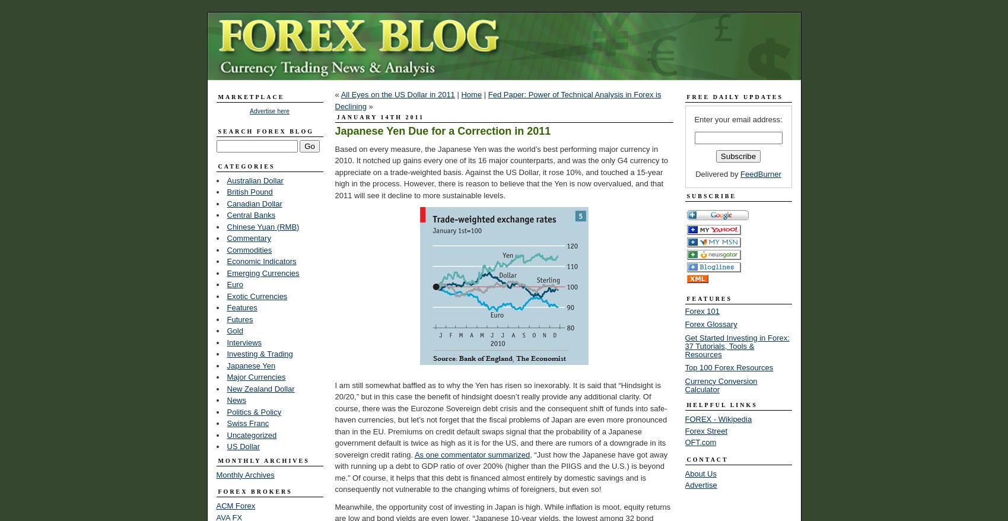 The width and height of the screenshot is (1008, 521). I want to click on 'Central Banks', so click(251, 214).